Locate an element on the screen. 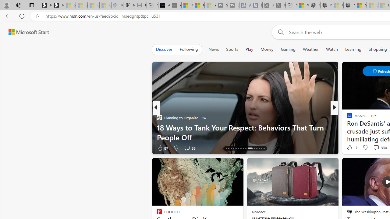 Image resolution: width=390 pixels, height=219 pixels. 'News' is located at coordinates (214, 49).